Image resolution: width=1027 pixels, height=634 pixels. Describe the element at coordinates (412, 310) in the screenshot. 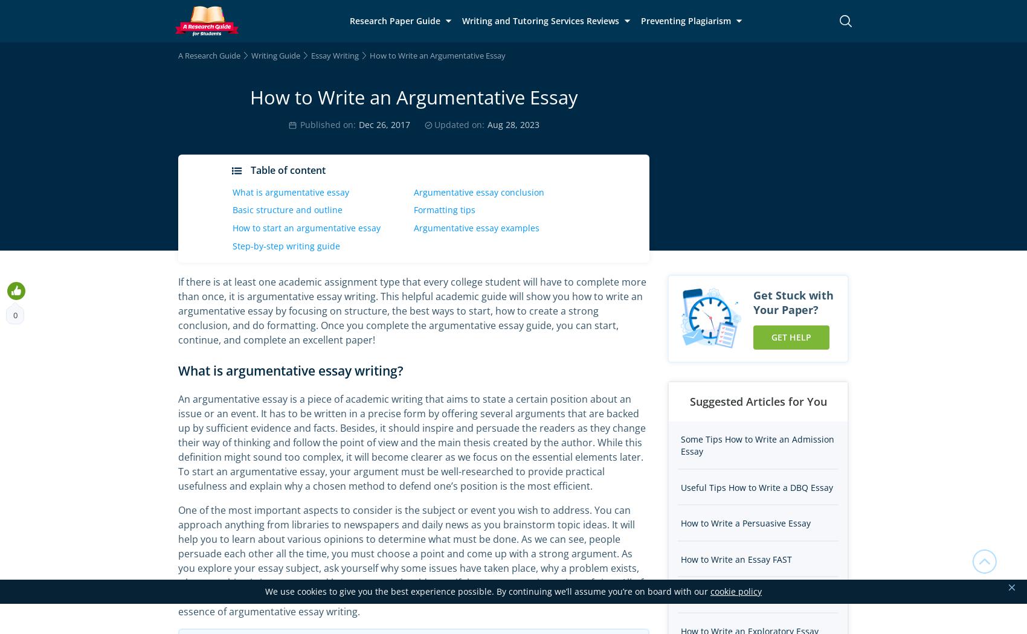

I see `'If there is at least one academic assignment type that every college student will have to complete more than once, it is argumentative essay writing. This helpful academic guide will show you how to write an argumentative essay by focusing on structure, the best ways to start, how to create a strong conclusion, and do formatting. Once you complete the argumentative essay guide, you can start, continue, and complete an excellent paper!'` at that location.